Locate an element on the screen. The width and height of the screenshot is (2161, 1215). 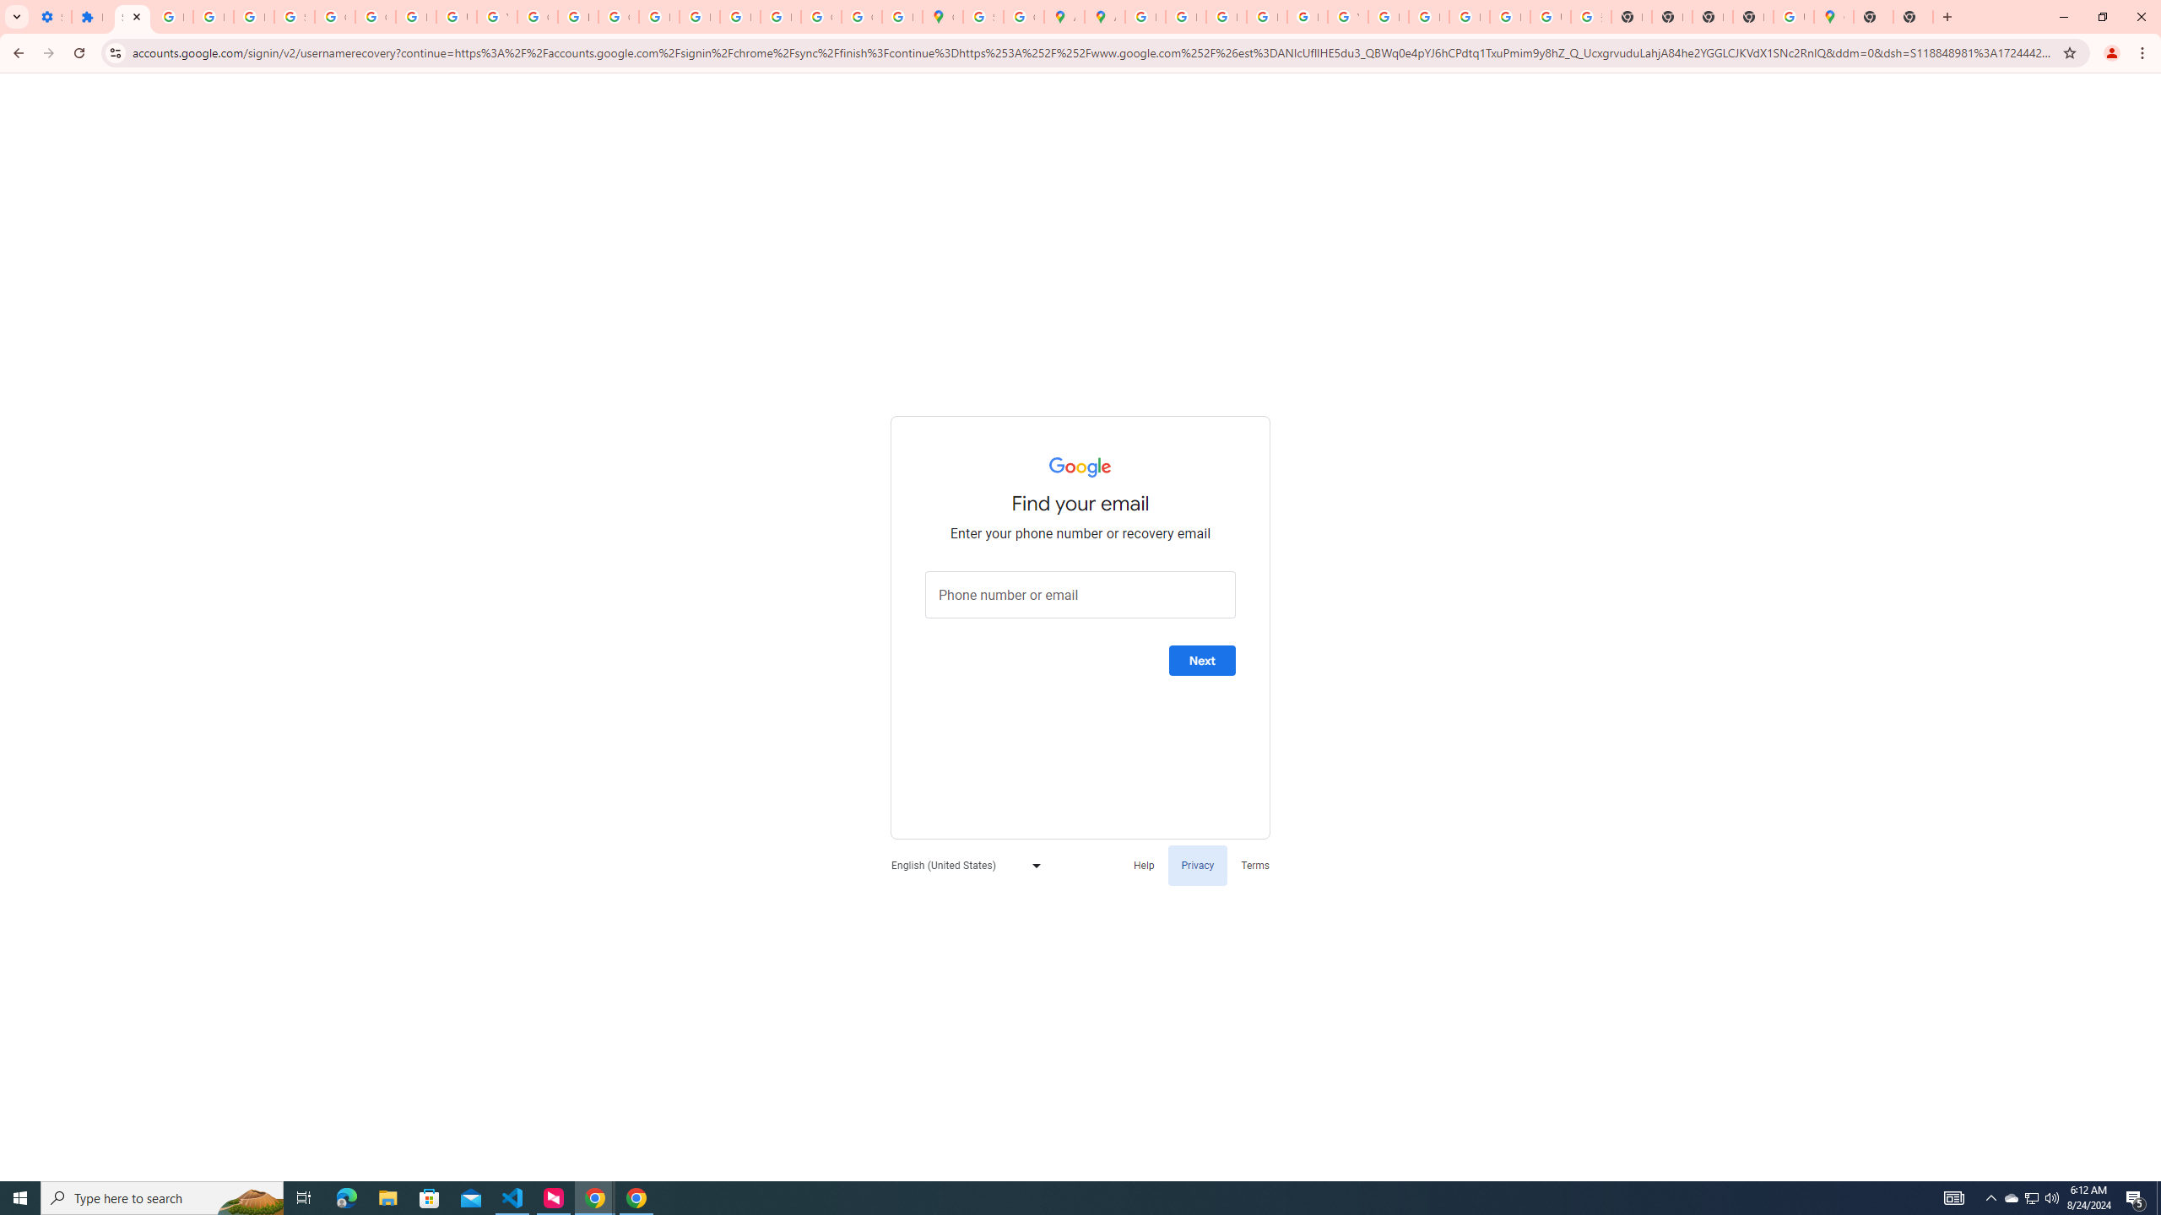
'Google Maps' is located at coordinates (942, 16).